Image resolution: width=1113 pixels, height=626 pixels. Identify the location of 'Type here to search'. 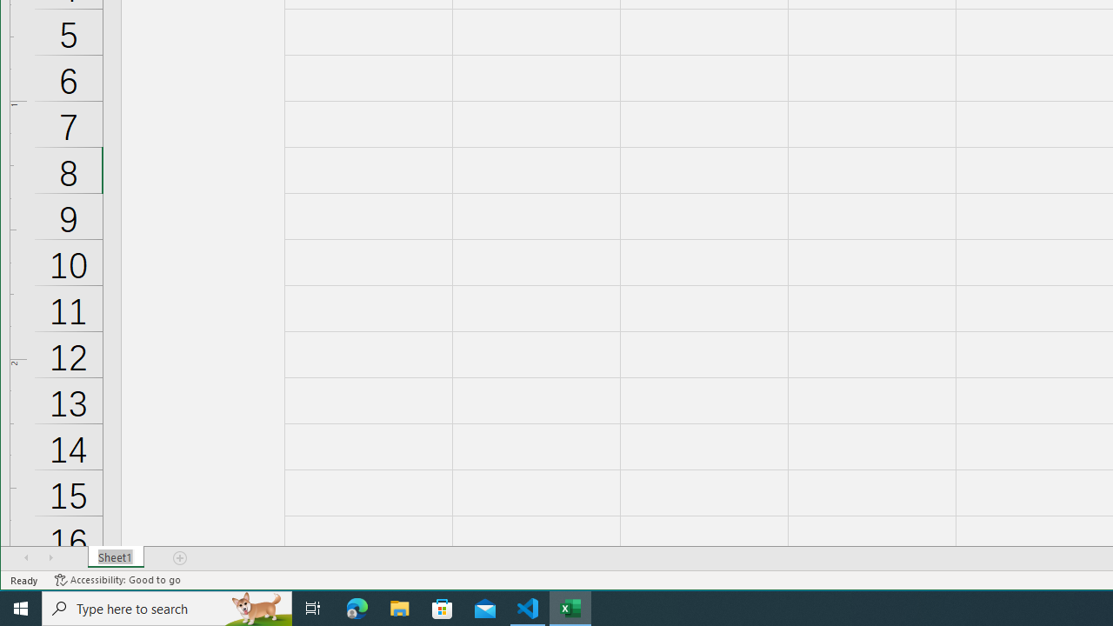
(167, 607).